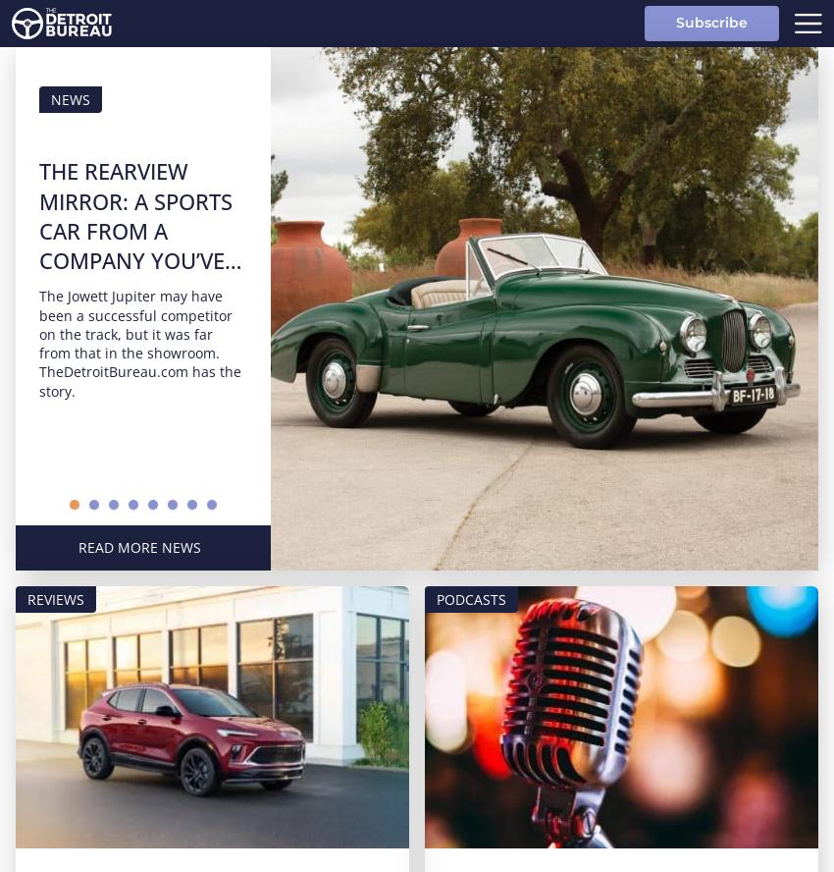 The width and height of the screenshot is (834, 872). I want to click on 'READ MORE NEWS', so click(138, 547).